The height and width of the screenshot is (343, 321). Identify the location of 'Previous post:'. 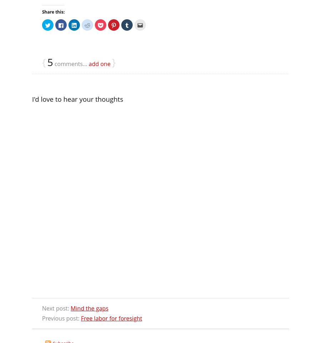
(61, 318).